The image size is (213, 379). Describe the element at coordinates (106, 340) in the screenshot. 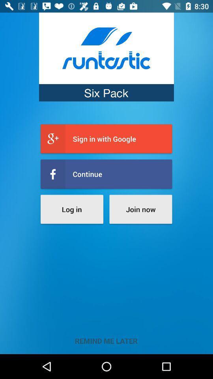

I see `remind me later item` at that location.